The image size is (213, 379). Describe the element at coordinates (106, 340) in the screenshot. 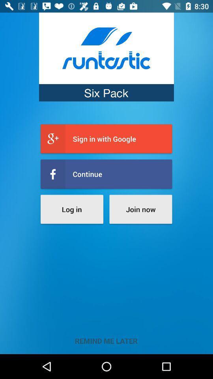

I see `remind me later item` at that location.